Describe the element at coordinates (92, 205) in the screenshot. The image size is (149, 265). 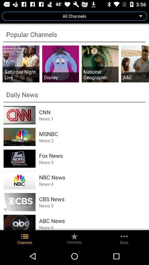
I see `the news 5 app` at that location.